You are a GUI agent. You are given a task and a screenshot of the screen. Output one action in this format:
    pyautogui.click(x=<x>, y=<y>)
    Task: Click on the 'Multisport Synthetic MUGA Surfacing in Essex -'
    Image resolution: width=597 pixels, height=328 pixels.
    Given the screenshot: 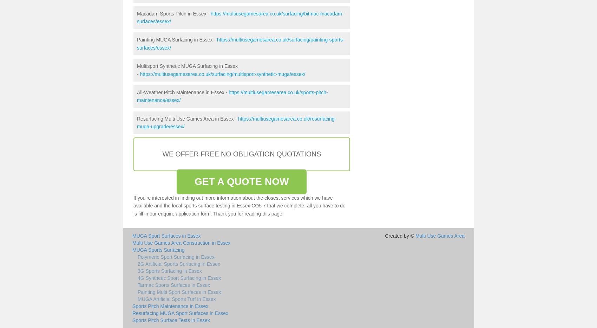 What is the action you would take?
    pyautogui.click(x=136, y=70)
    